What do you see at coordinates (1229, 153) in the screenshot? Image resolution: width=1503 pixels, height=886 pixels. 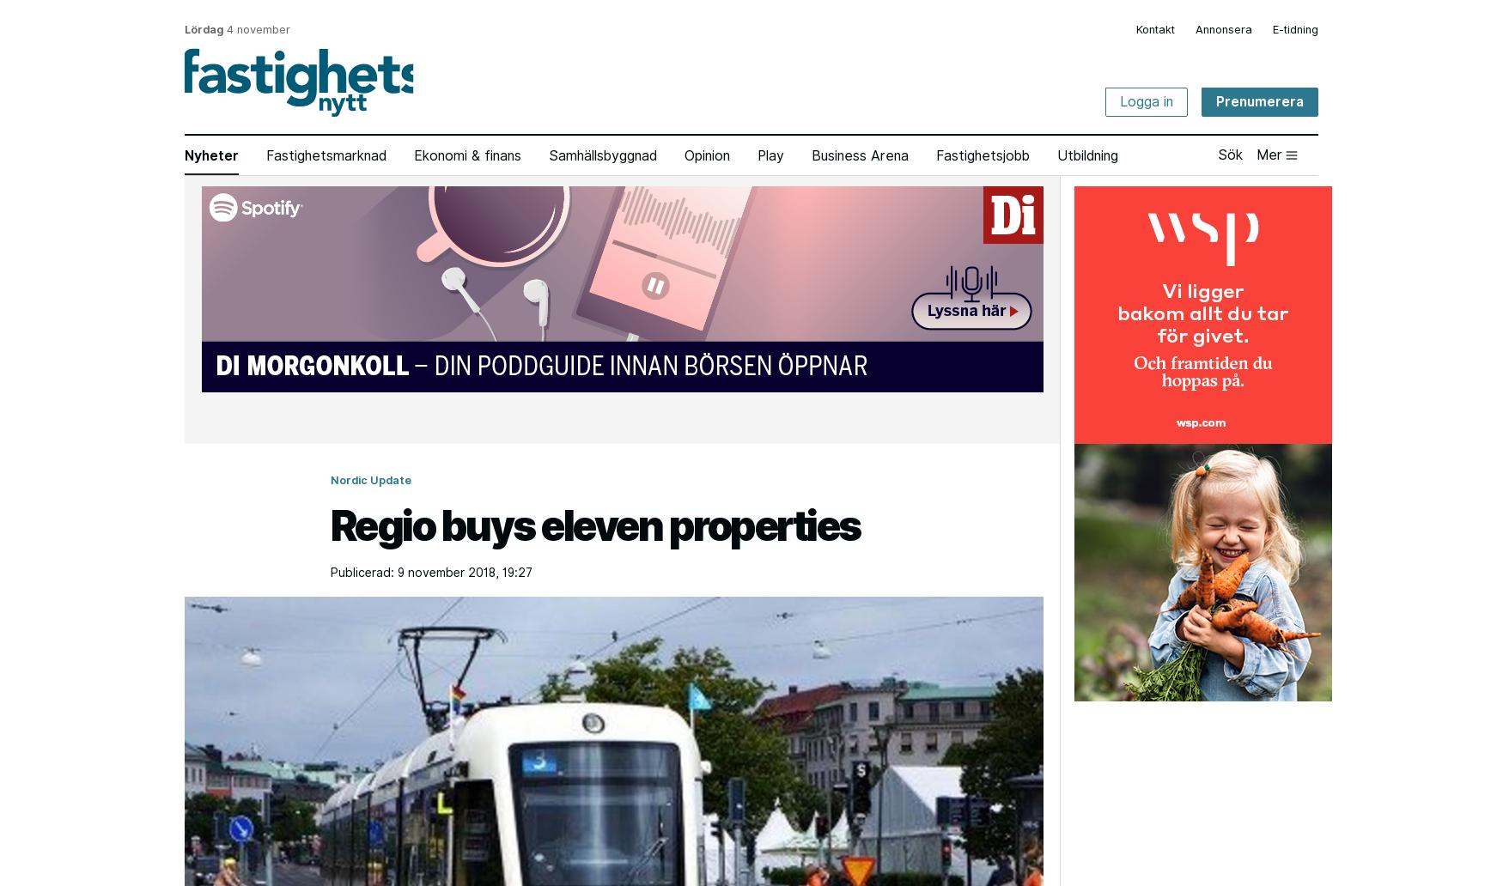 I see `'Sök'` at bounding box center [1229, 153].